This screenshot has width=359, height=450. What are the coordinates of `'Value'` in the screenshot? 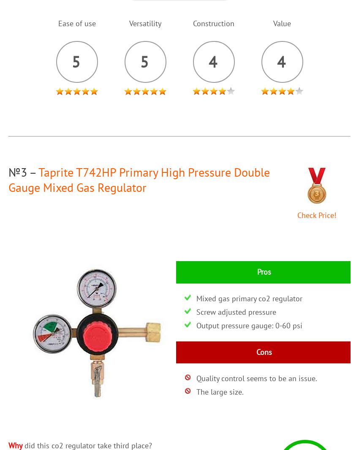 It's located at (282, 23).